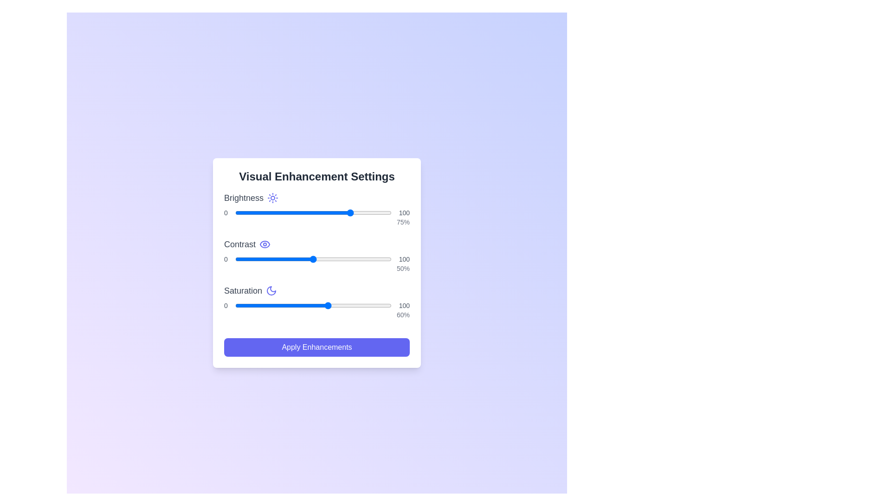 The image size is (891, 501). I want to click on the brightness slider to set the brightness level to 6, so click(245, 213).